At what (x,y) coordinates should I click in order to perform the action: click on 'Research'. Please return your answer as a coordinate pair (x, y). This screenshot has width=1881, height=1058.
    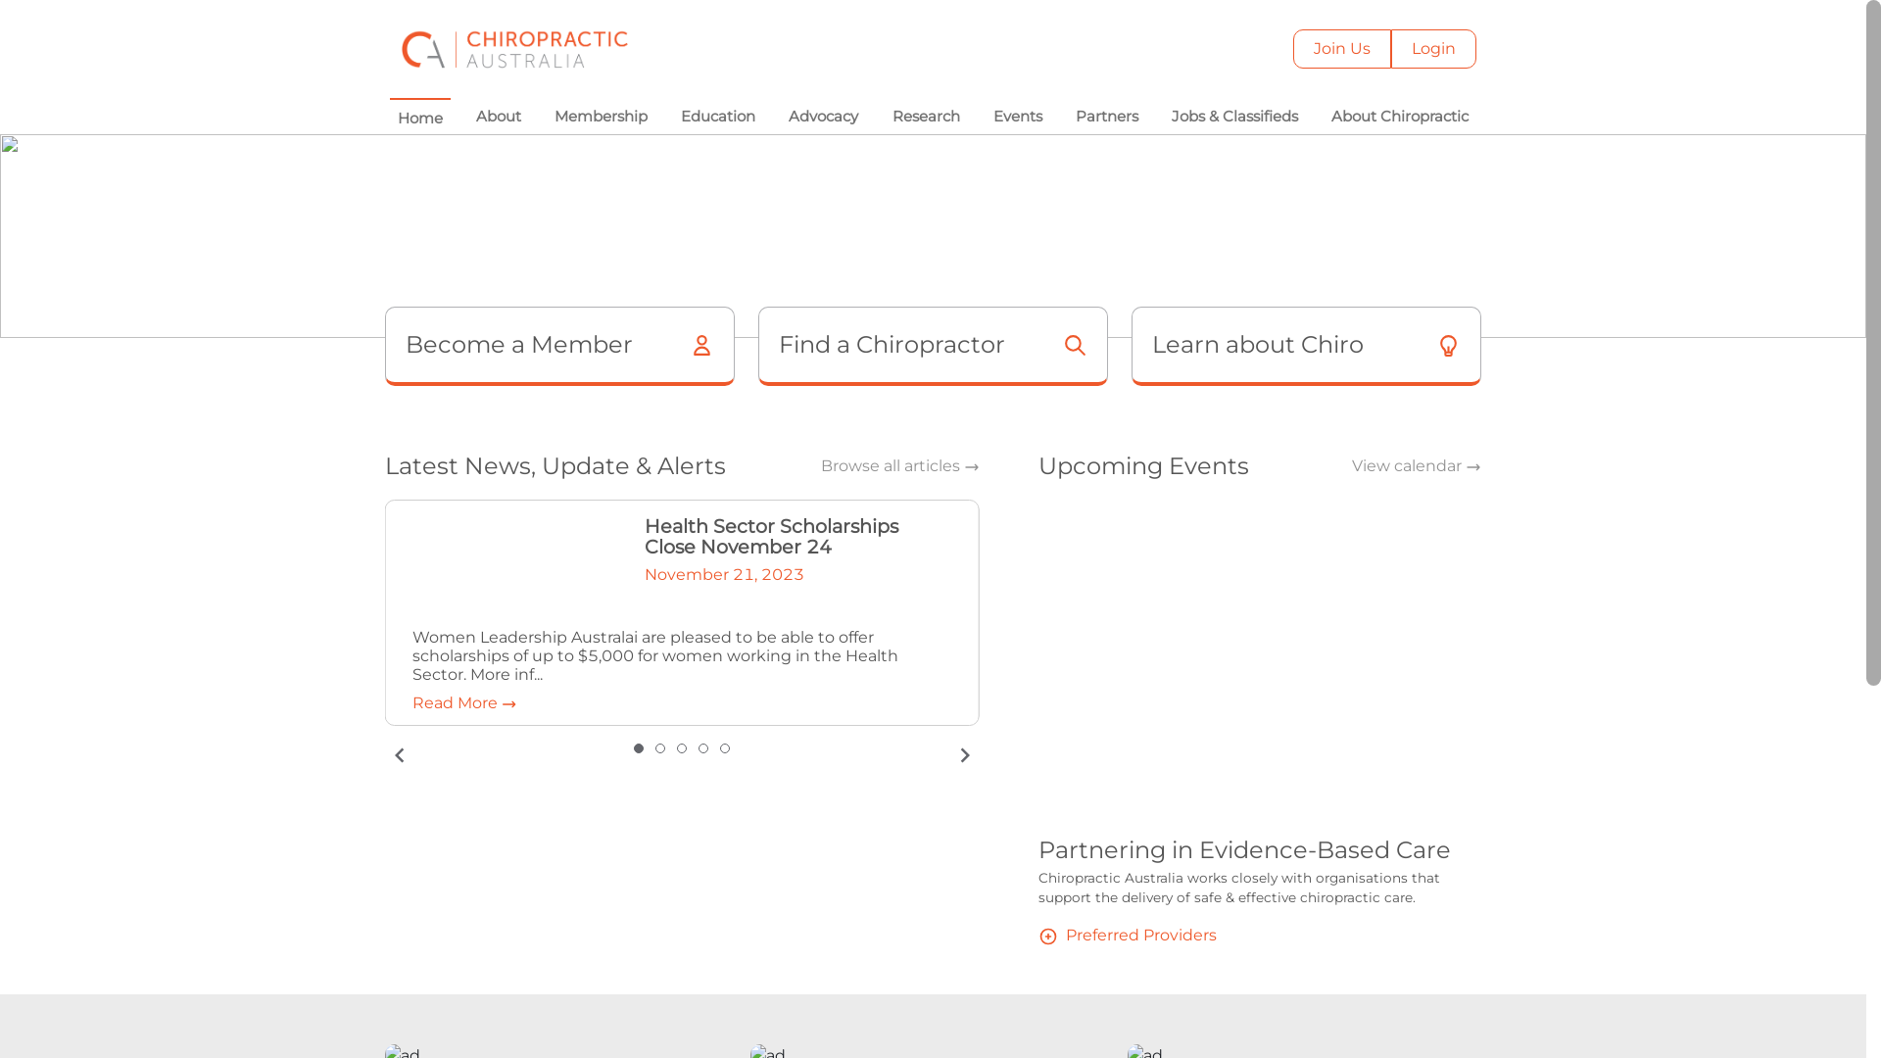
    Looking at the image, I should click on (883, 117).